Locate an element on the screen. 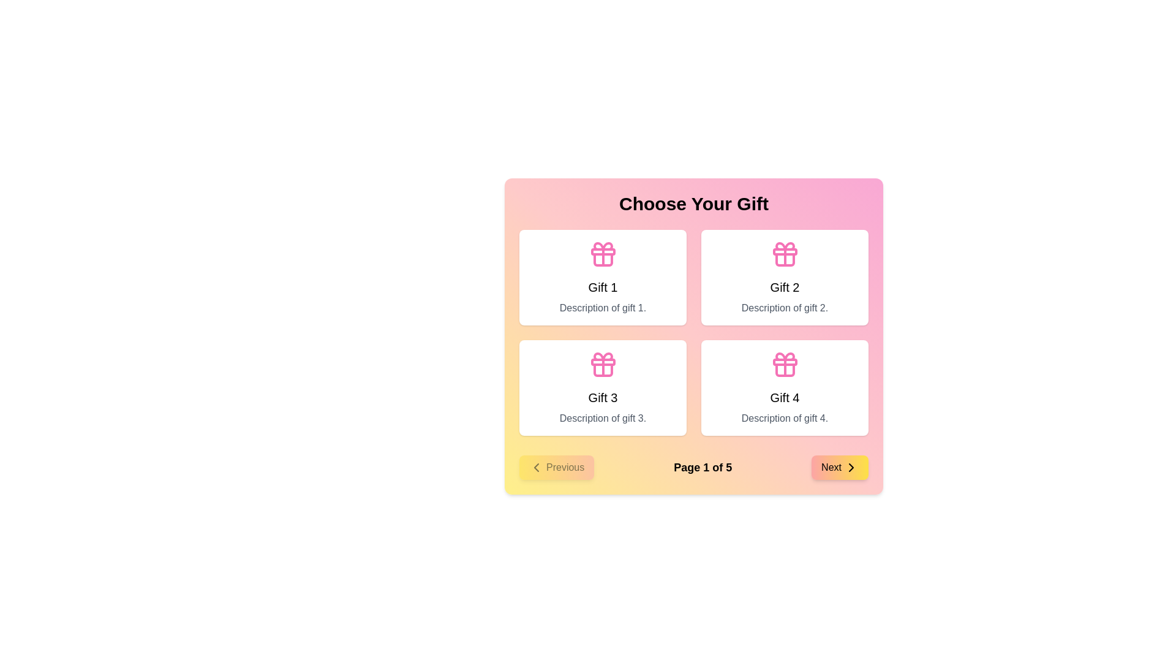 Image resolution: width=1176 pixels, height=662 pixels. the left-pointing arrow icon within the 'Previous' button located in the bottom-left corner of the interaction panel is located at coordinates (536, 468).